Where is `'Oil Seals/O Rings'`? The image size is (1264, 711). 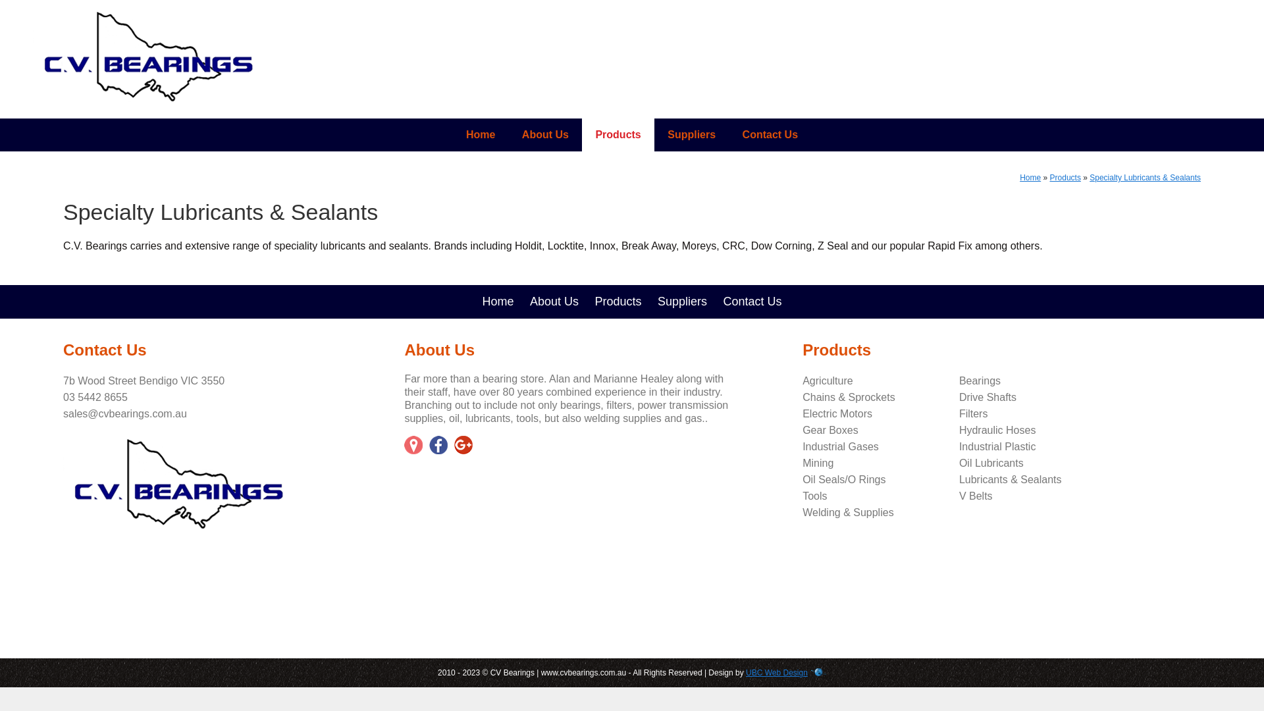
'Oil Seals/O Rings' is located at coordinates (843, 479).